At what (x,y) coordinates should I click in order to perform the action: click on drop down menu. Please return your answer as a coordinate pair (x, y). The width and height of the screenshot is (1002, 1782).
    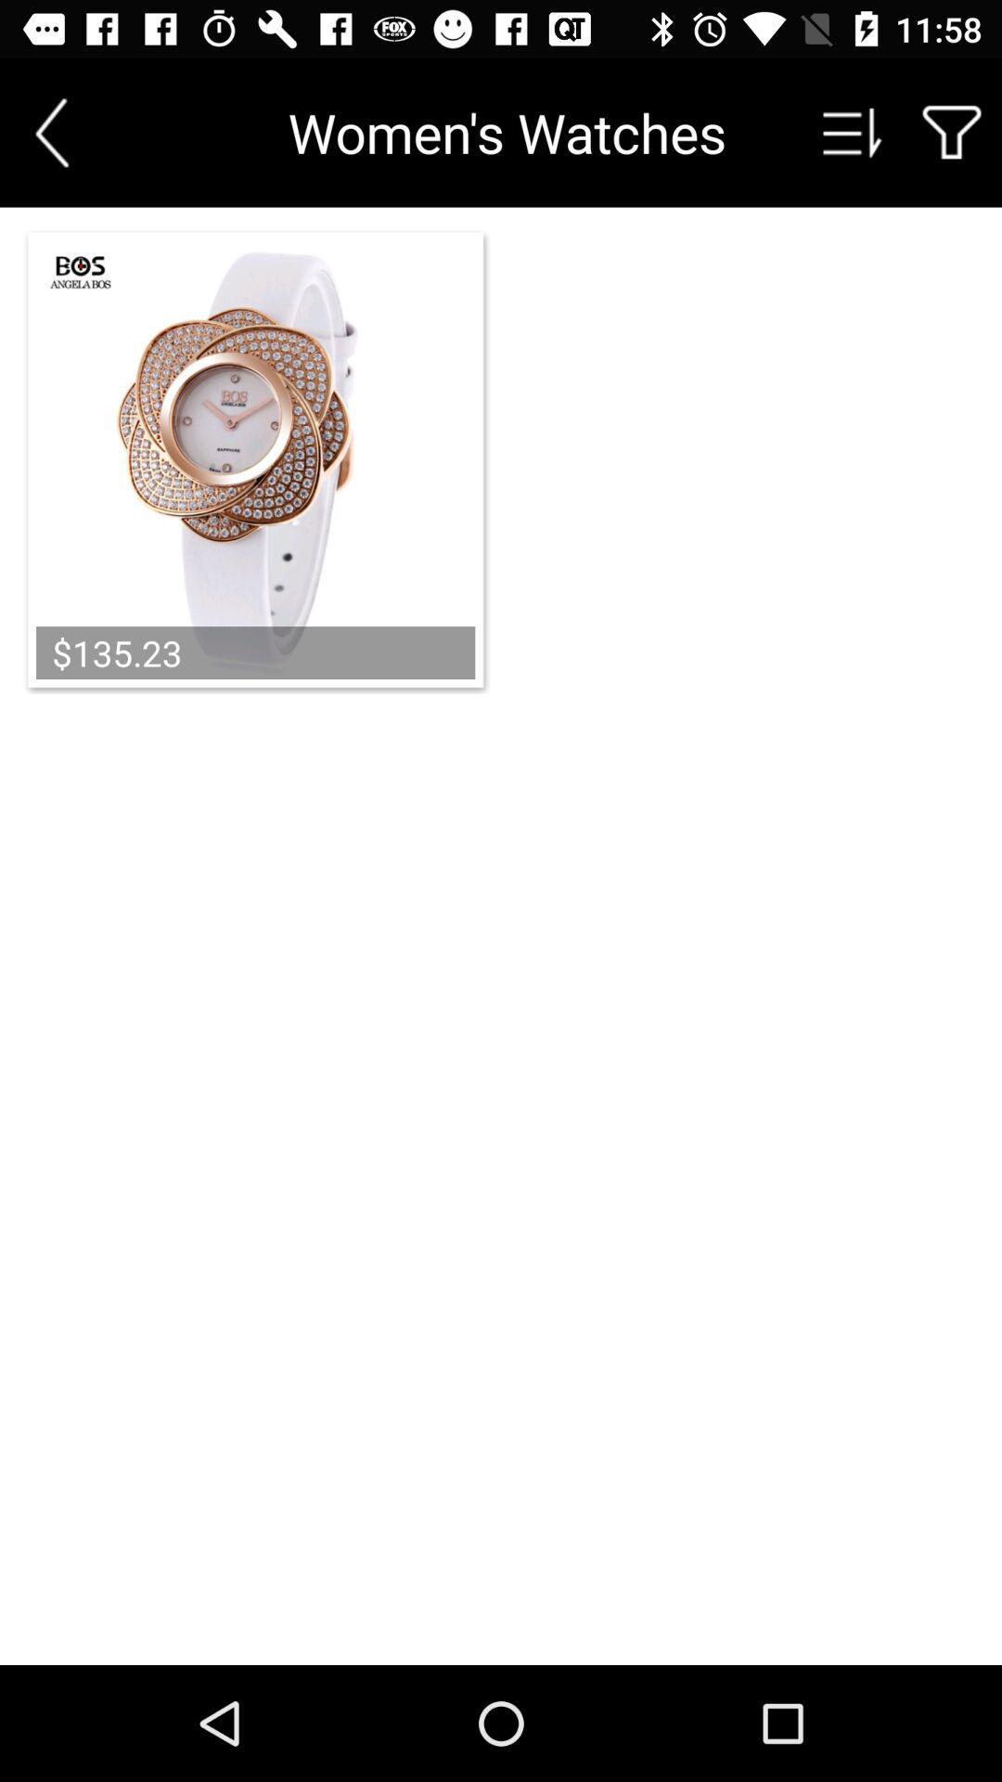
    Looking at the image, I should click on (853, 132).